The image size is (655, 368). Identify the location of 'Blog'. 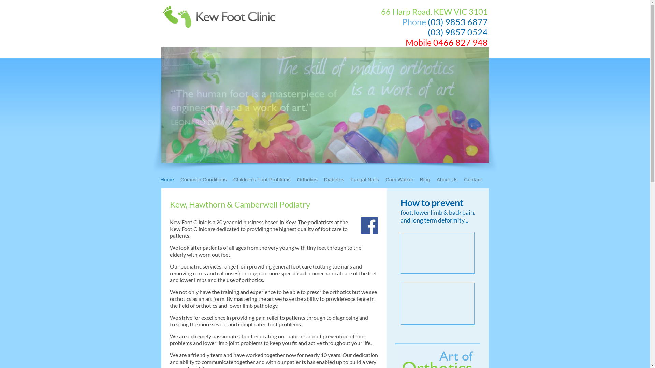
(427, 181).